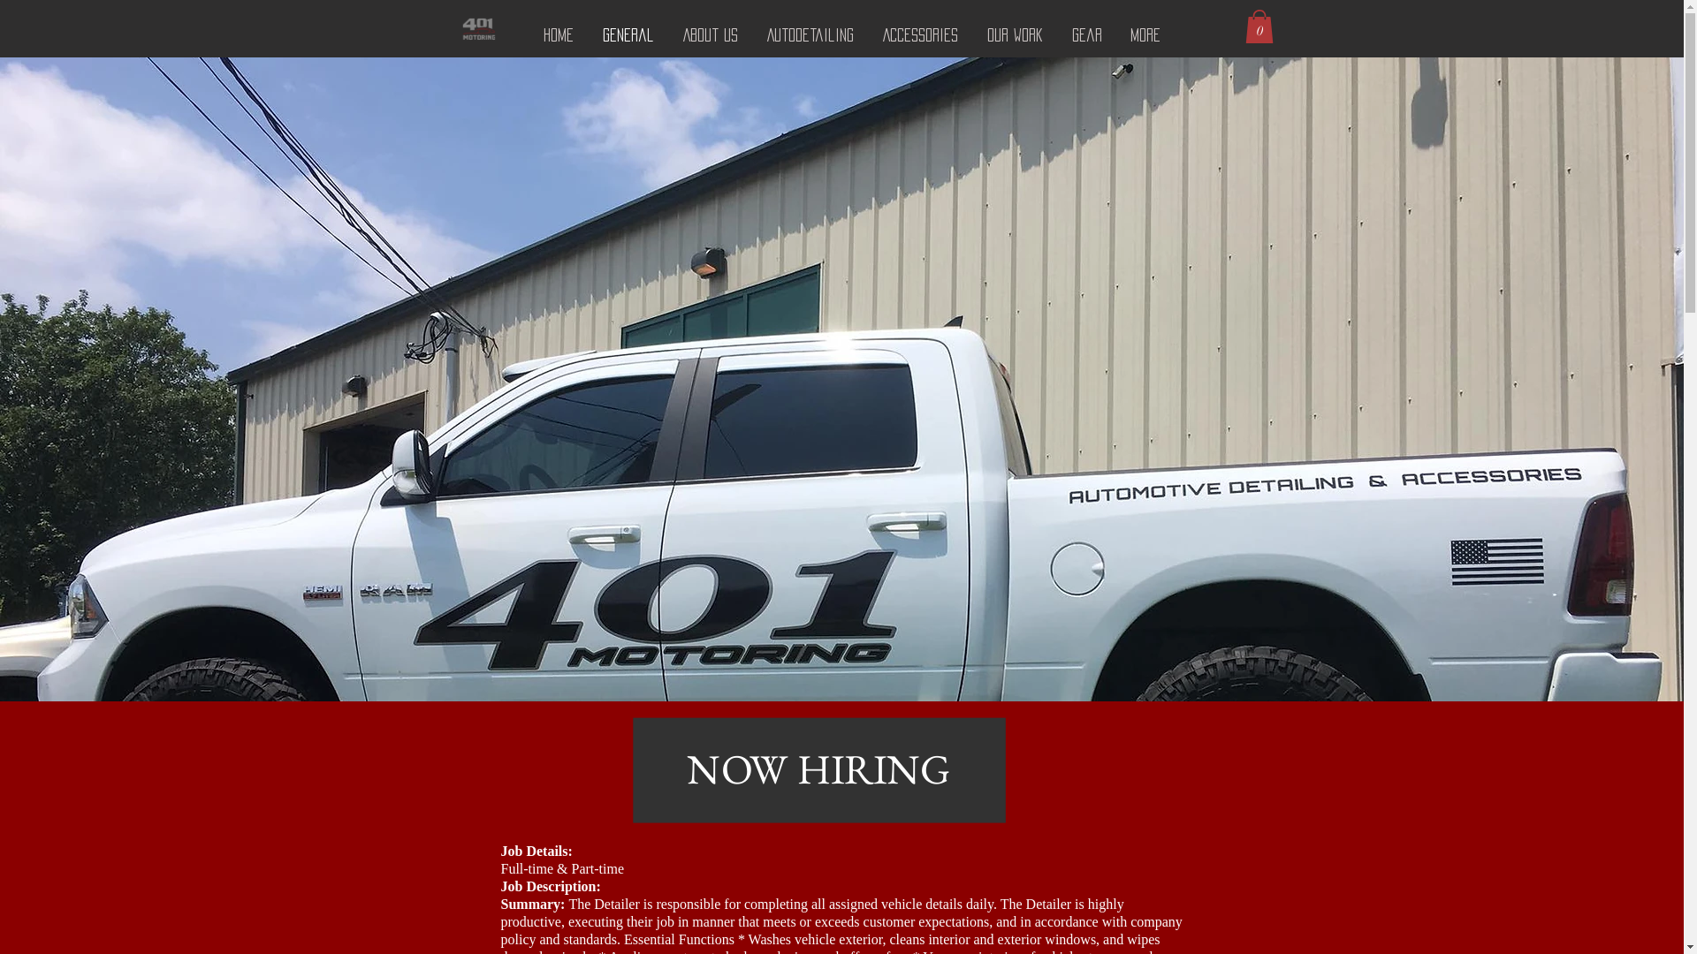  I want to click on 'Home', so click(528, 34).